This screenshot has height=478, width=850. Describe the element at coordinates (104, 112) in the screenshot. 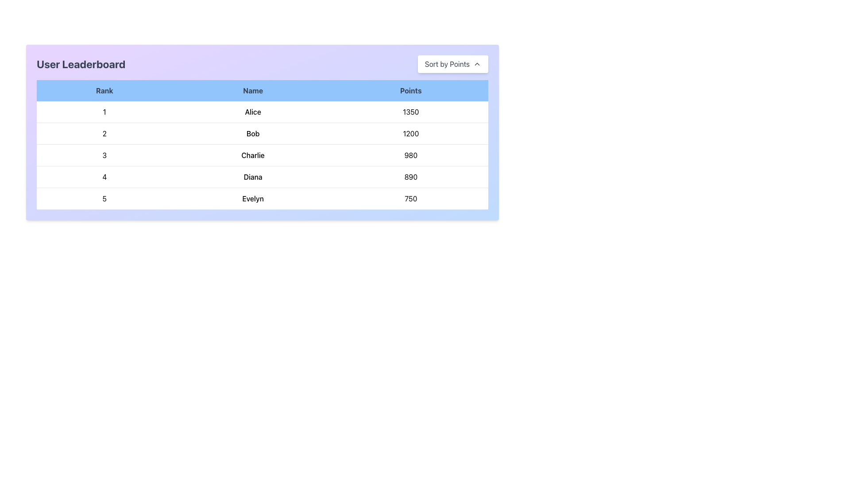

I see `the static text label that indicates the user's rank in the leaderboard, located in the first cell of the first row under the 'Rank' column` at that location.